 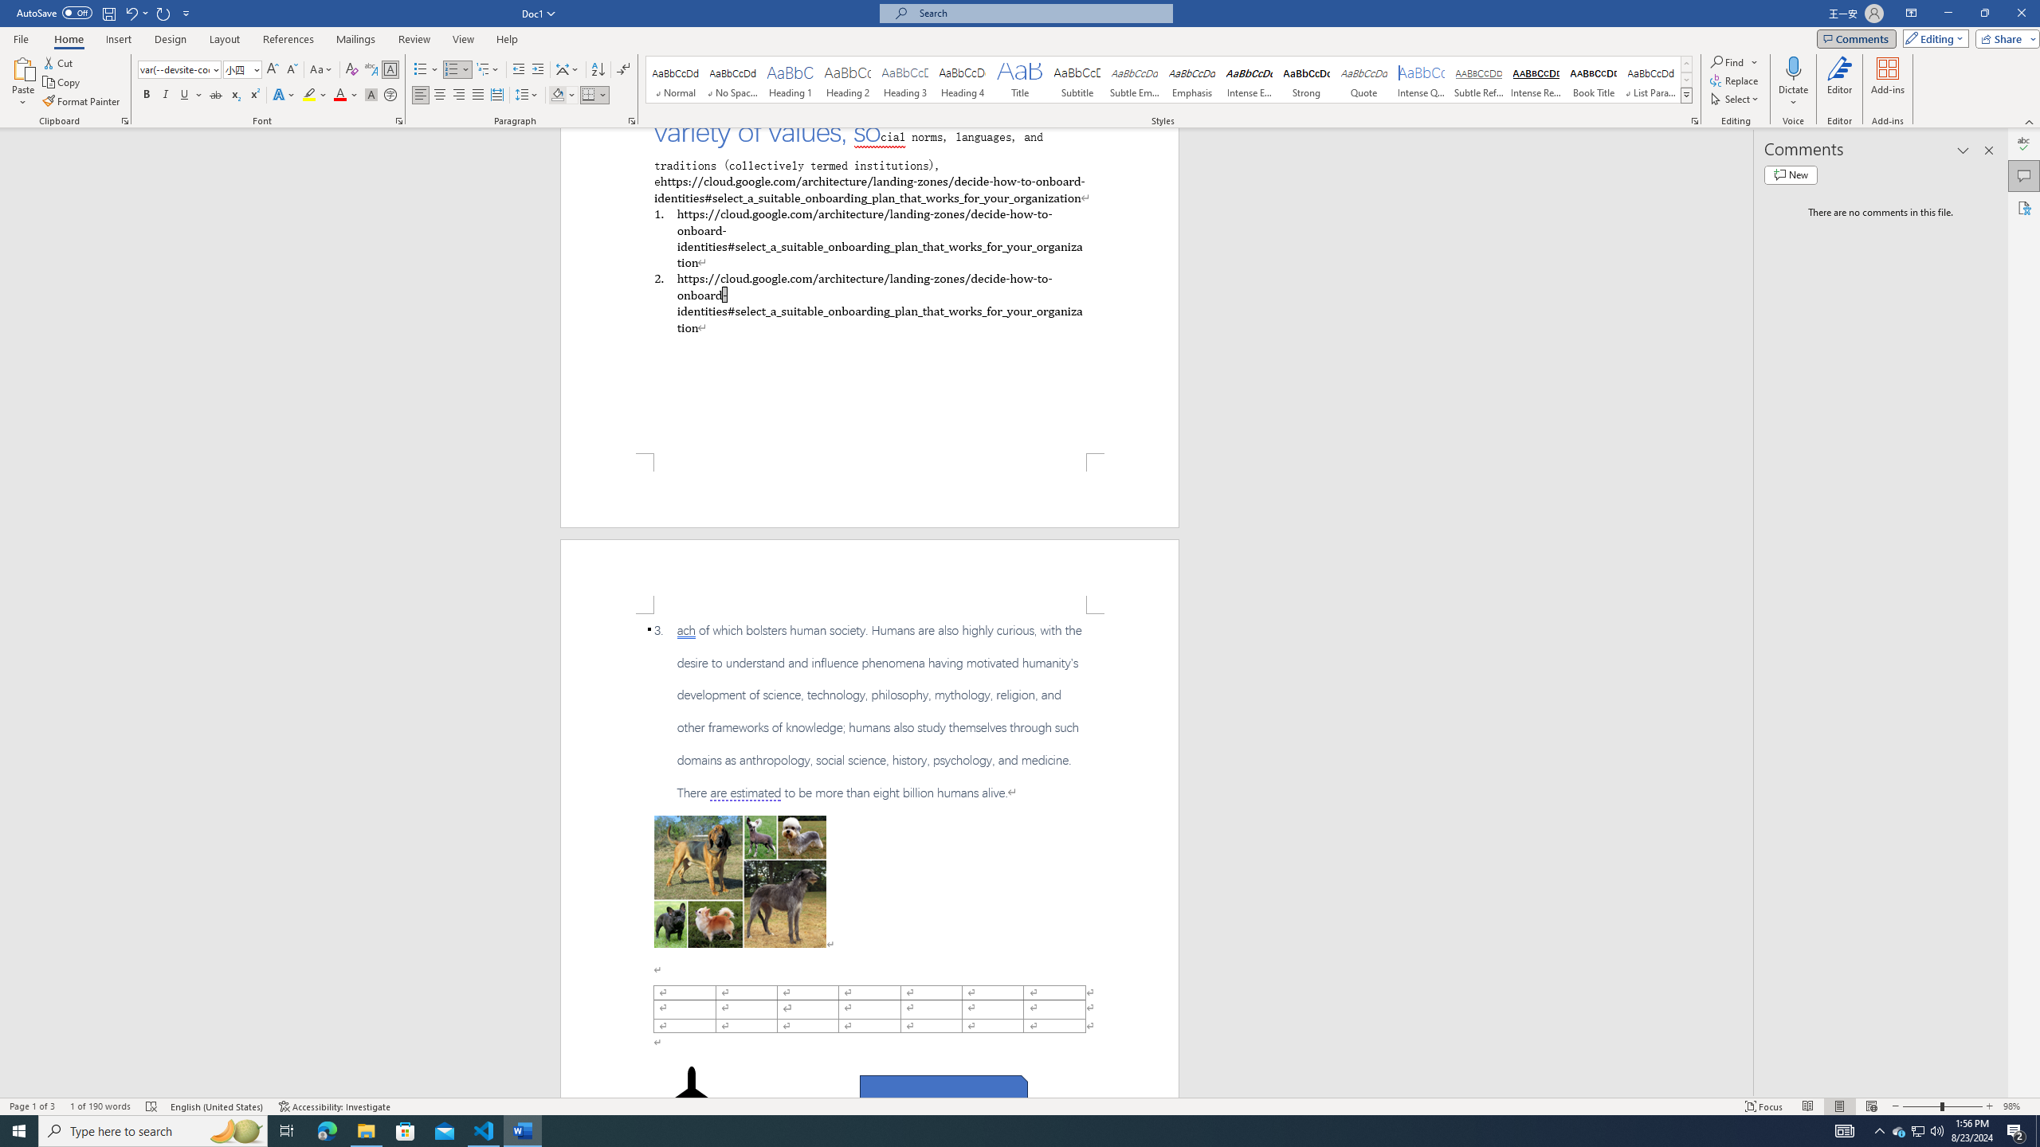 What do you see at coordinates (536, 69) in the screenshot?
I see `'Increase Indent'` at bounding box center [536, 69].